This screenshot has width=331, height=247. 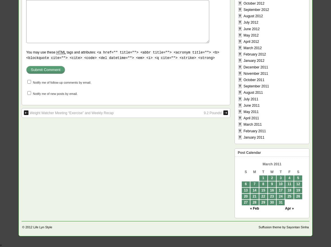 What do you see at coordinates (298, 178) in the screenshot?
I see `'5'` at bounding box center [298, 178].